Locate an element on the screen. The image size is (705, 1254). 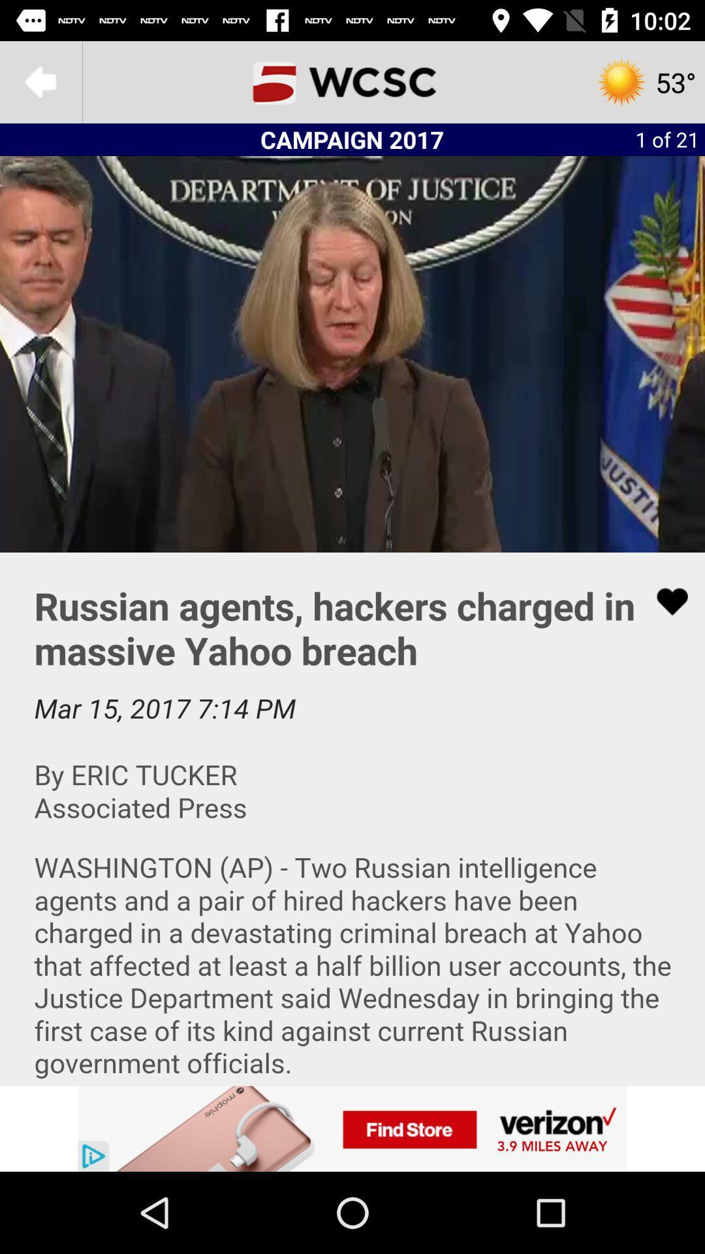
the arrow_backward icon is located at coordinates (40, 81).